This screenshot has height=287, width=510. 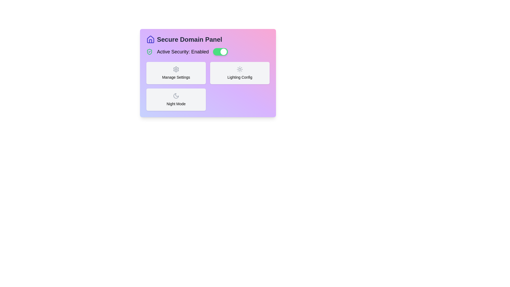 I want to click on the settings management button located in the top-left corner of the 2x2 grid for keyboard interactions, so click(x=176, y=73).